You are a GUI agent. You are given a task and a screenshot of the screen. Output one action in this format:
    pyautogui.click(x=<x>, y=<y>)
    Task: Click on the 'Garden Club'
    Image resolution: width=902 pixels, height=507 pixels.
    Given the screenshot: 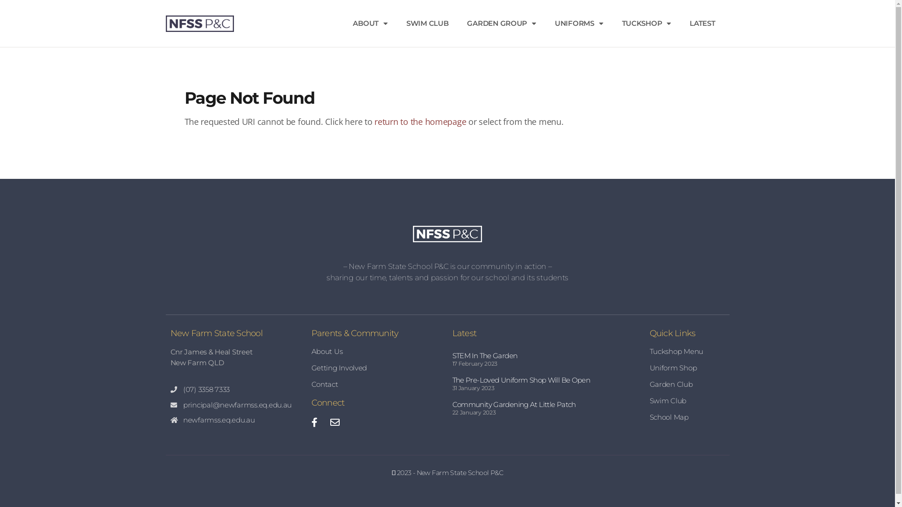 What is the action you would take?
    pyautogui.click(x=687, y=384)
    